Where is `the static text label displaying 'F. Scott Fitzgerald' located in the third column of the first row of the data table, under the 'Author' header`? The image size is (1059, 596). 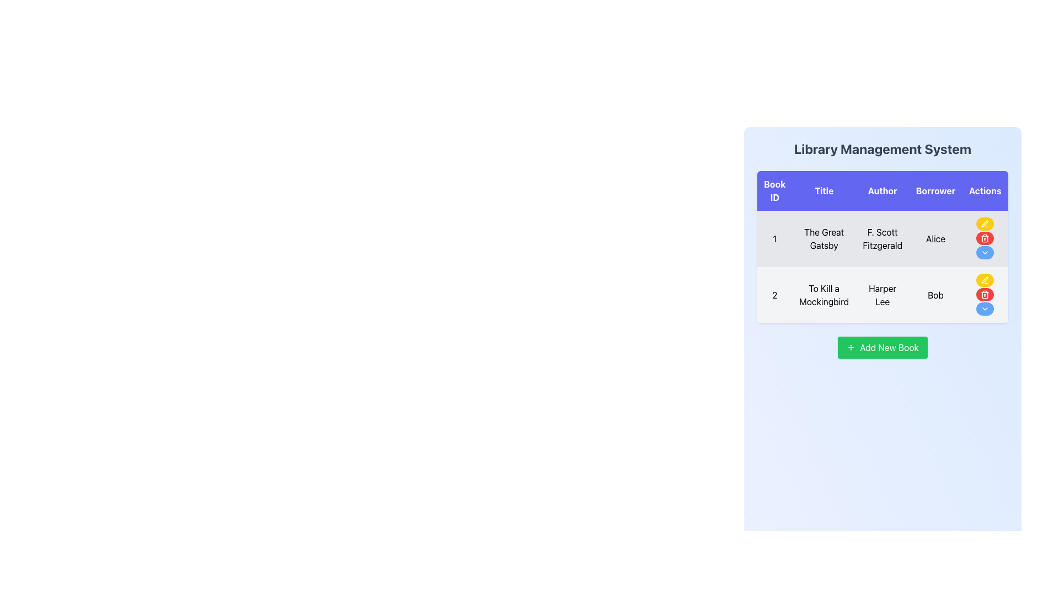 the static text label displaying 'F. Scott Fitzgerald' located in the third column of the first row of the data table, under the 'Author' header is located at coordinates (882, 238).